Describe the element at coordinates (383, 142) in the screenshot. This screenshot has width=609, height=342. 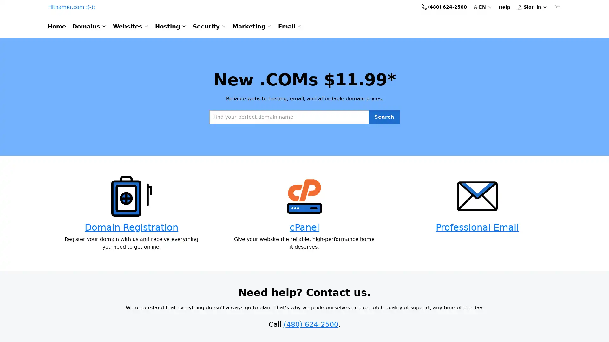
I see `Search` at that location.